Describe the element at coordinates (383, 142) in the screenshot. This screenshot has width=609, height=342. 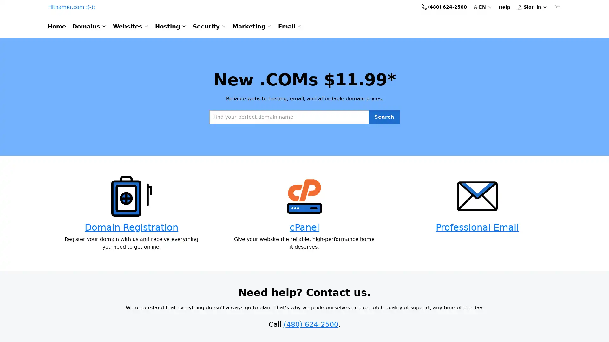
I see `Search` at that location.